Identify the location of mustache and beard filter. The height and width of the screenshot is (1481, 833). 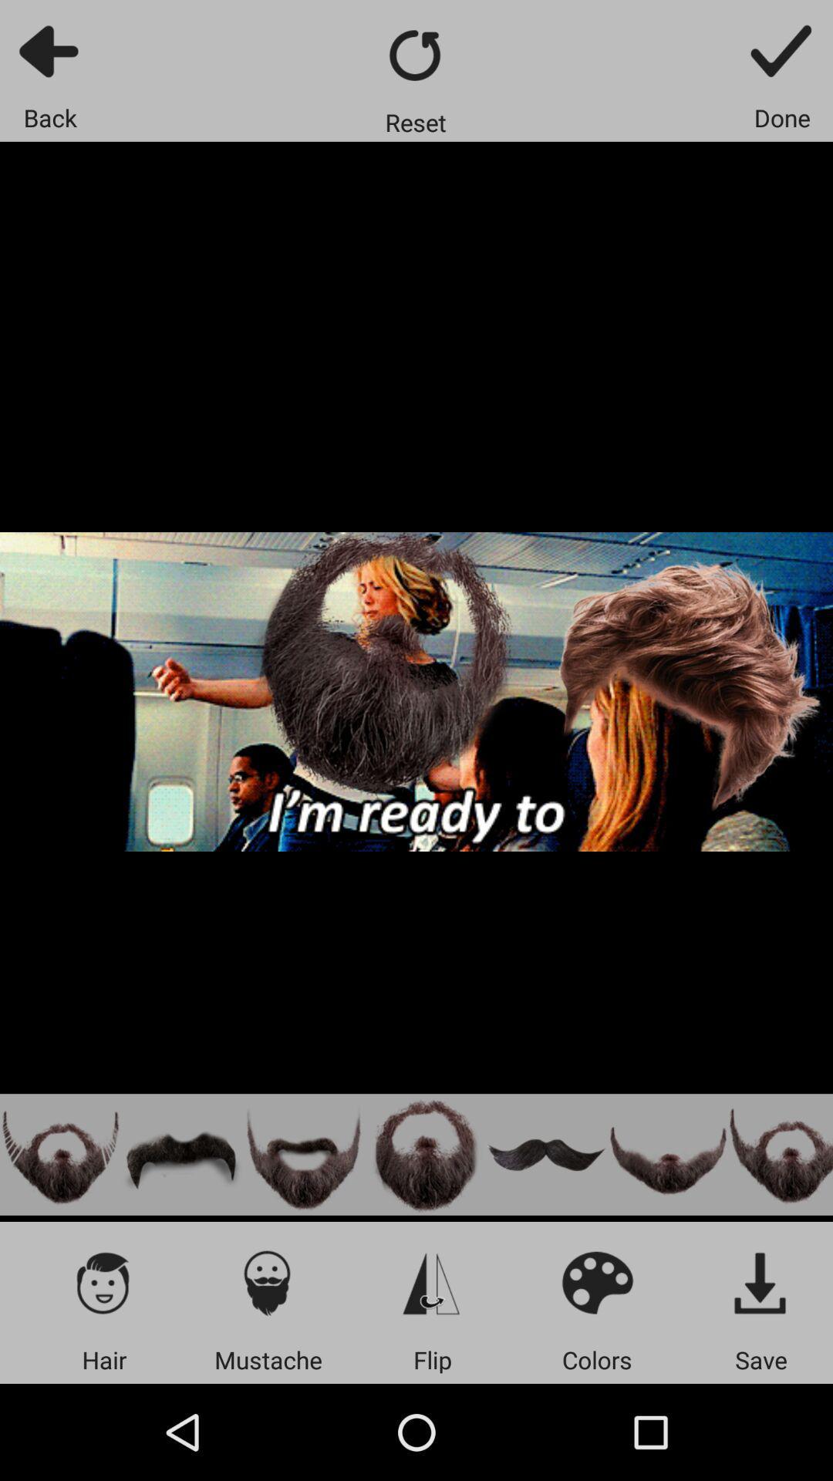
(425, 1155).